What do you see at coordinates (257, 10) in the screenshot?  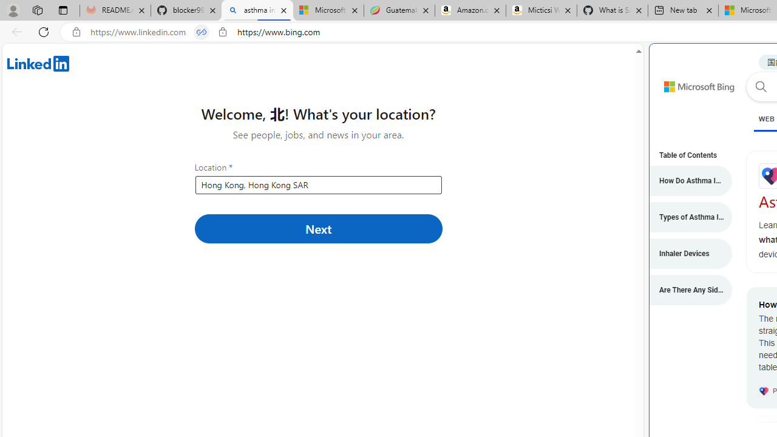 I see `'asthma inhaler - Search'` at bounding box center [257, 10].